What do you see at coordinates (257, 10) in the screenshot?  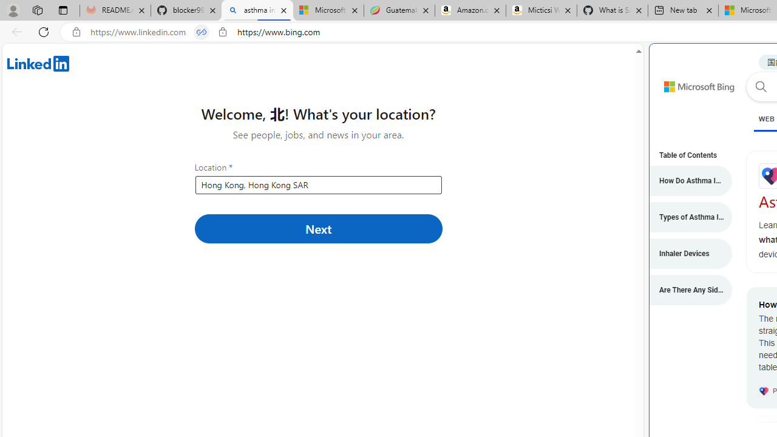 I see `'asthma inhaler - Search'` at bounding box center [257, 10].